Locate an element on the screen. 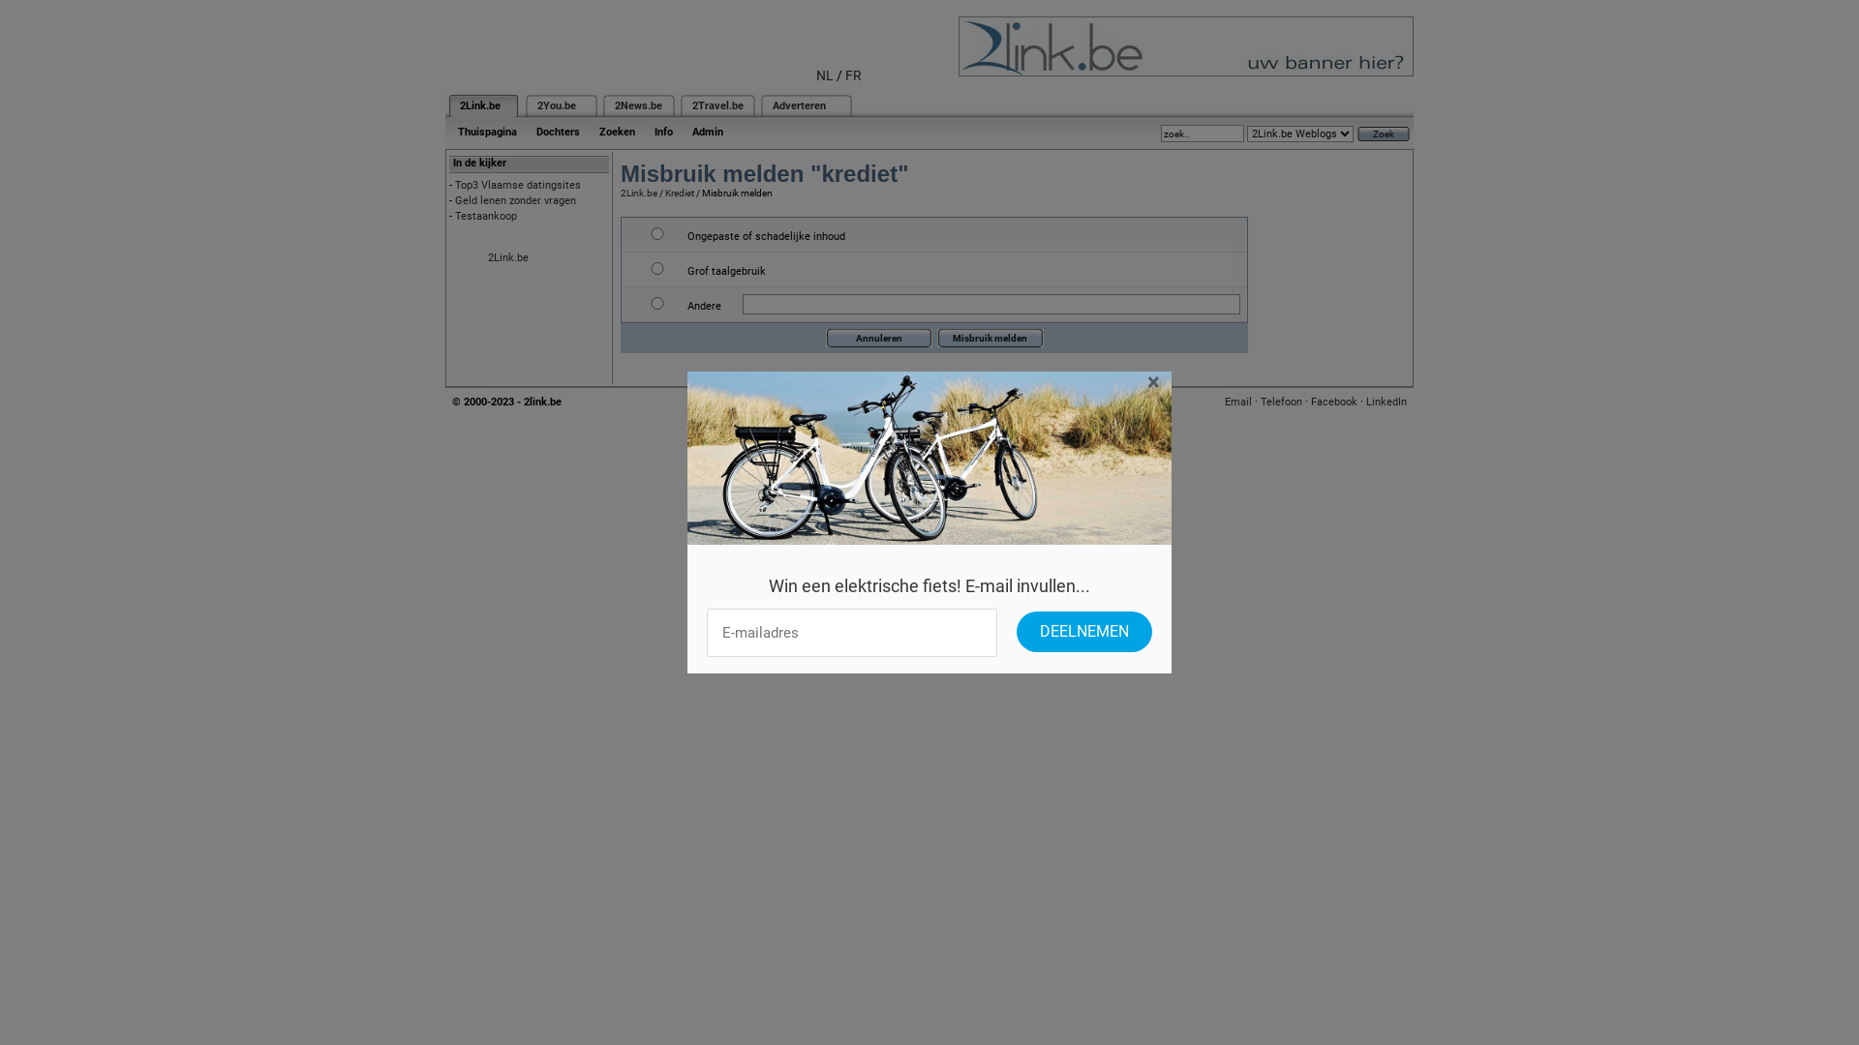 This screenshot has height=1045, width=1859. 'Facebook' is located at coordinates (1332, 401).